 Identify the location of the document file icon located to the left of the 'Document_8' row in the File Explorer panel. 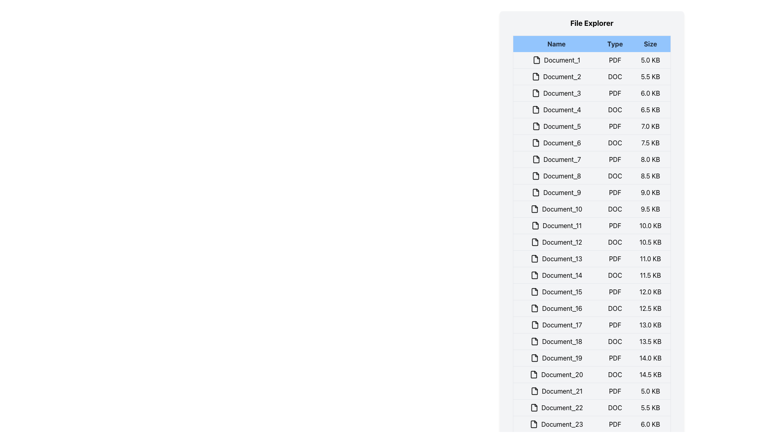
(536, 175).